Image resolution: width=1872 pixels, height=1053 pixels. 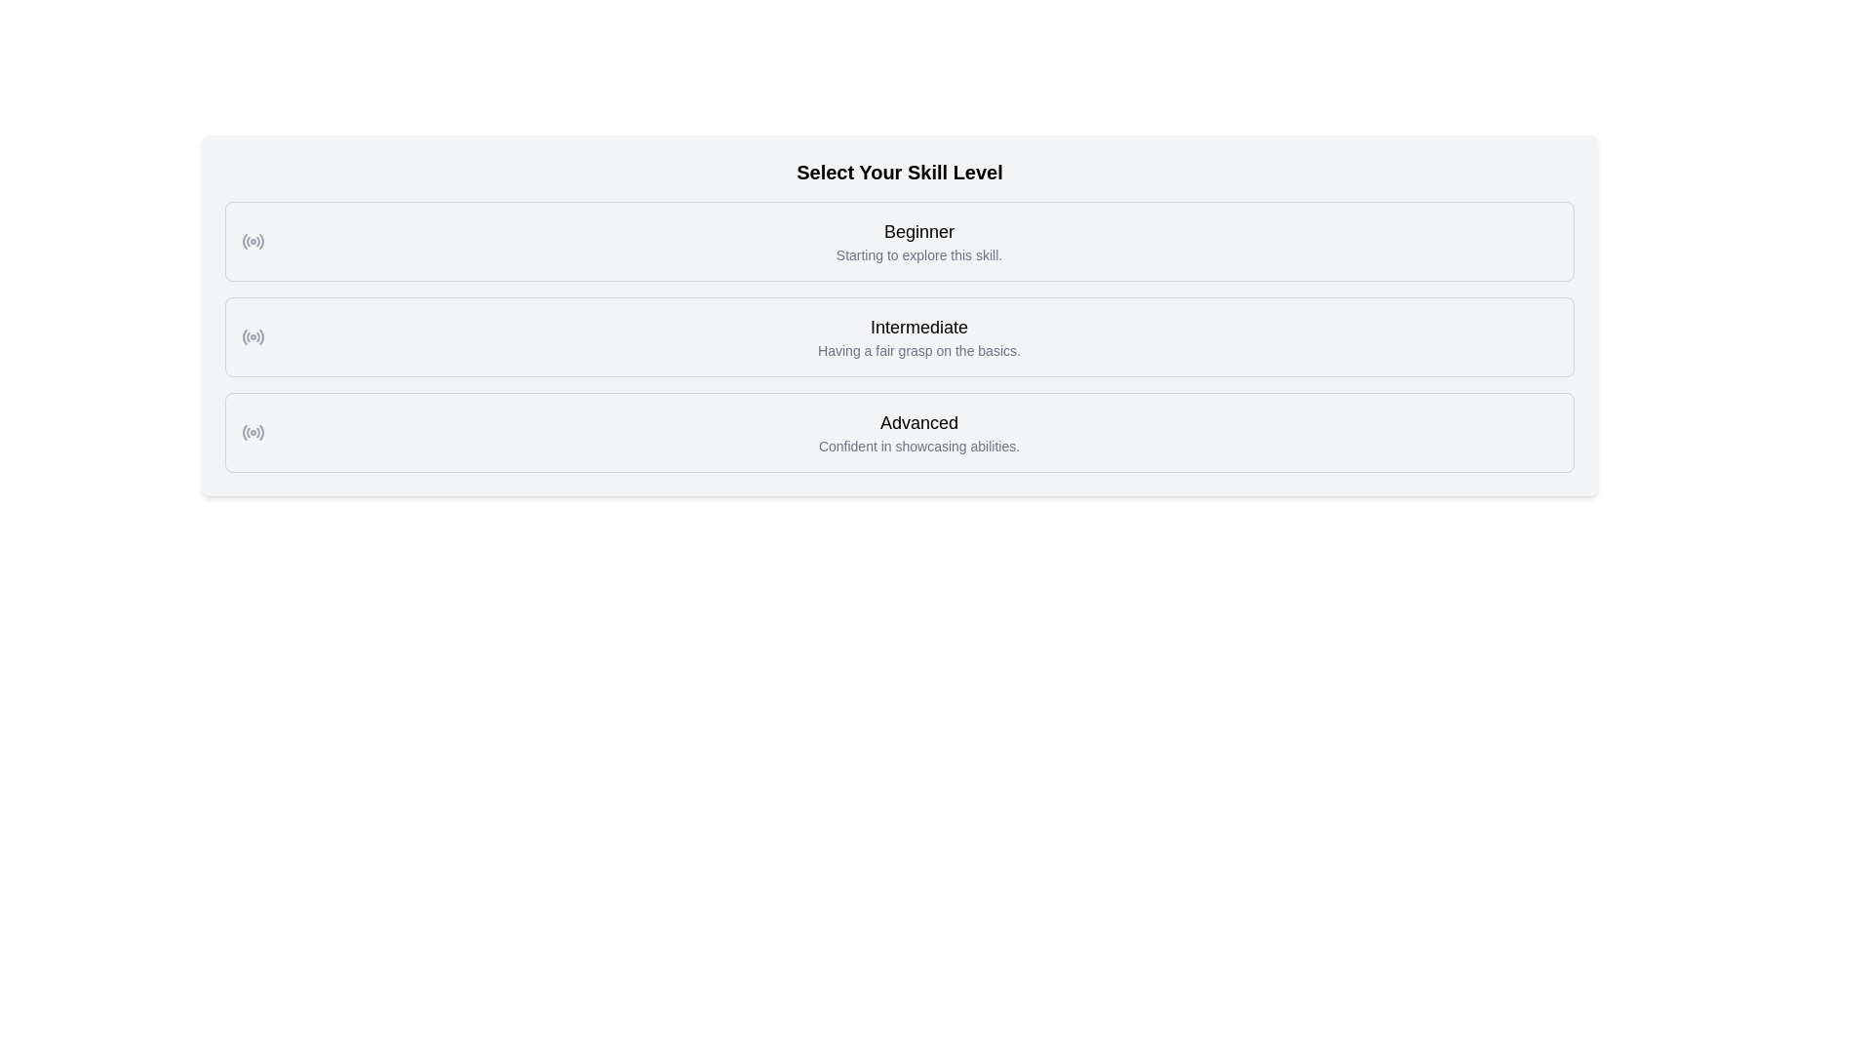 What do you see at coordinates (917, 336) in the screenshot?
I see `the 'Intermediate' selectable option element, which features 'Intermediate' in a bold font and is positioned between 'Beginner' and 'Advanced' in a vertical list` at bounding box center [917, 336].